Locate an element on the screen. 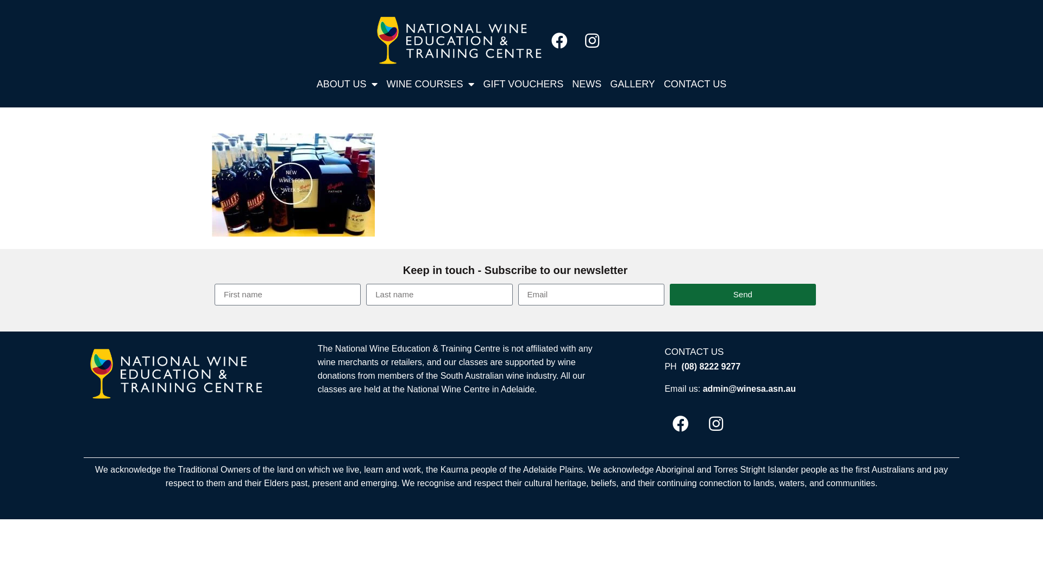  'admin@winesa.asn.au' is located at coordinates (749, 388).